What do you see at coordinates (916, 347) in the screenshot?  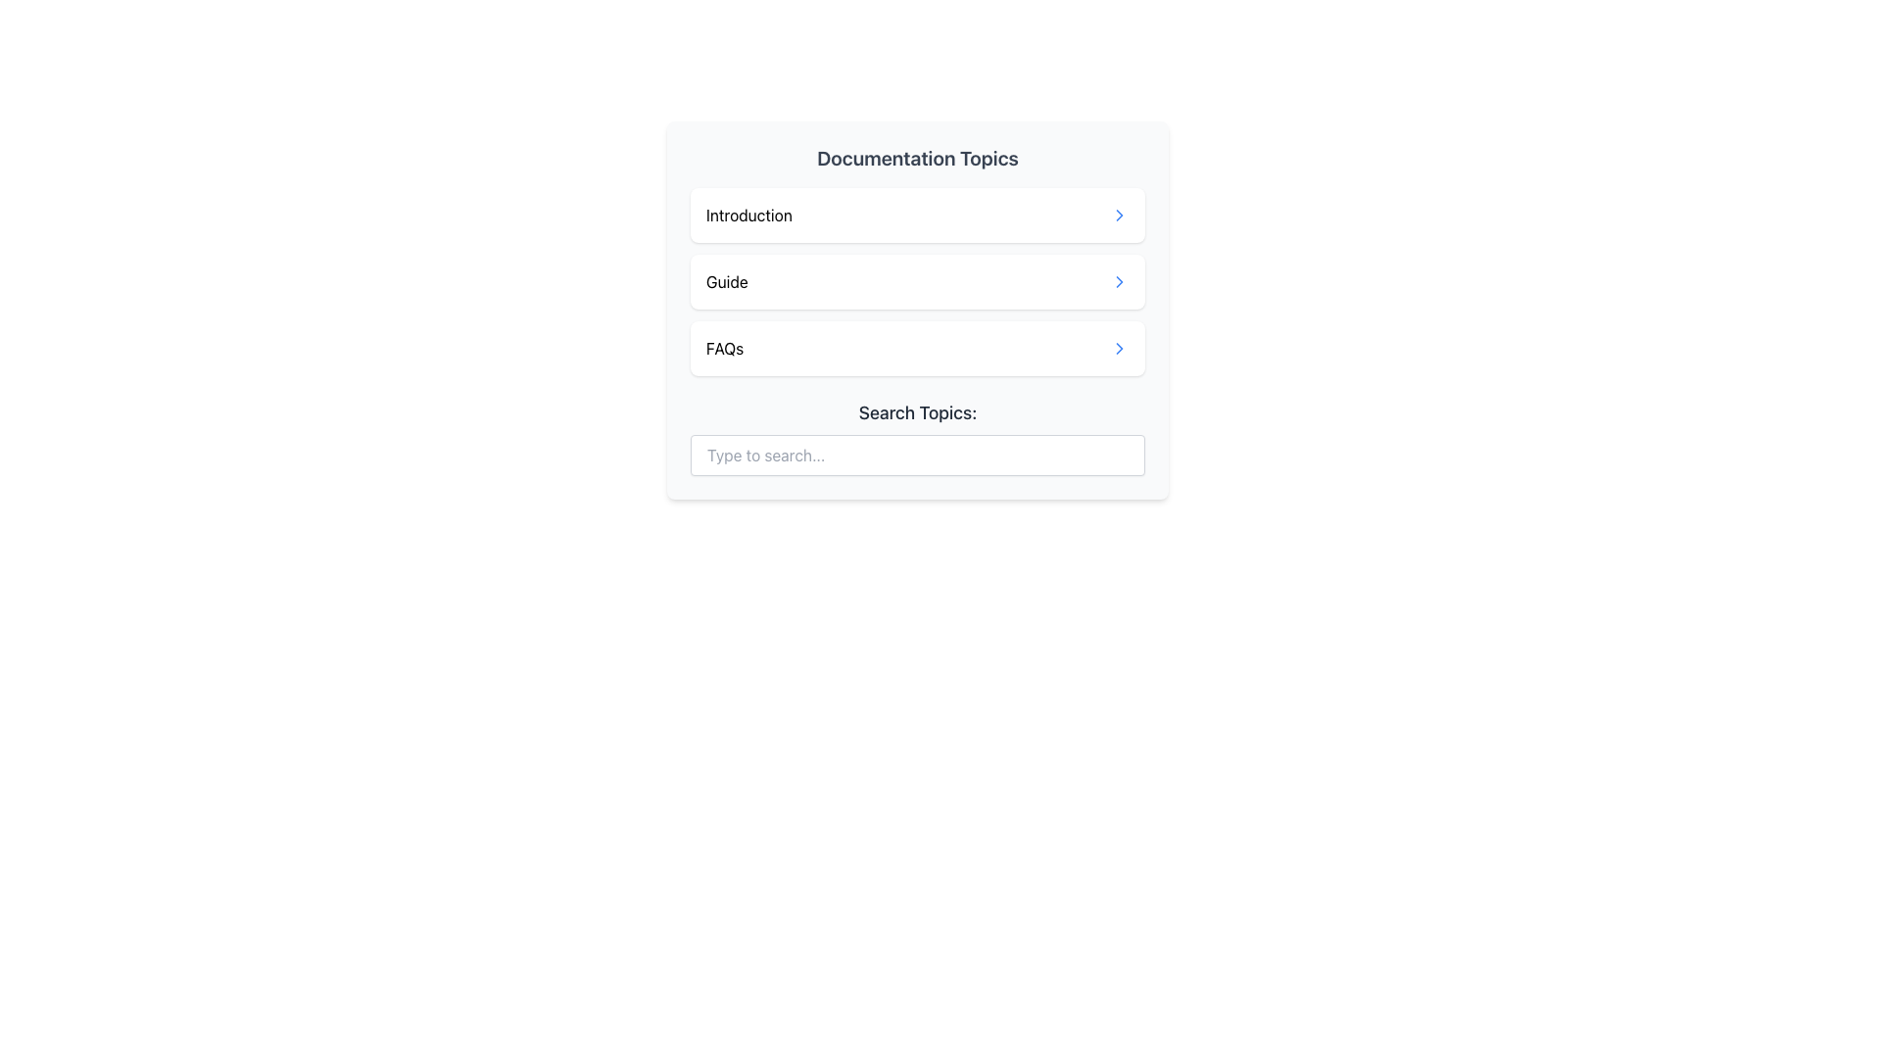 I see `the 'FAQs' button, which is the last item in the list of 'Documentation Topics', to observe the hover effects` at bounding box center [916, 347].